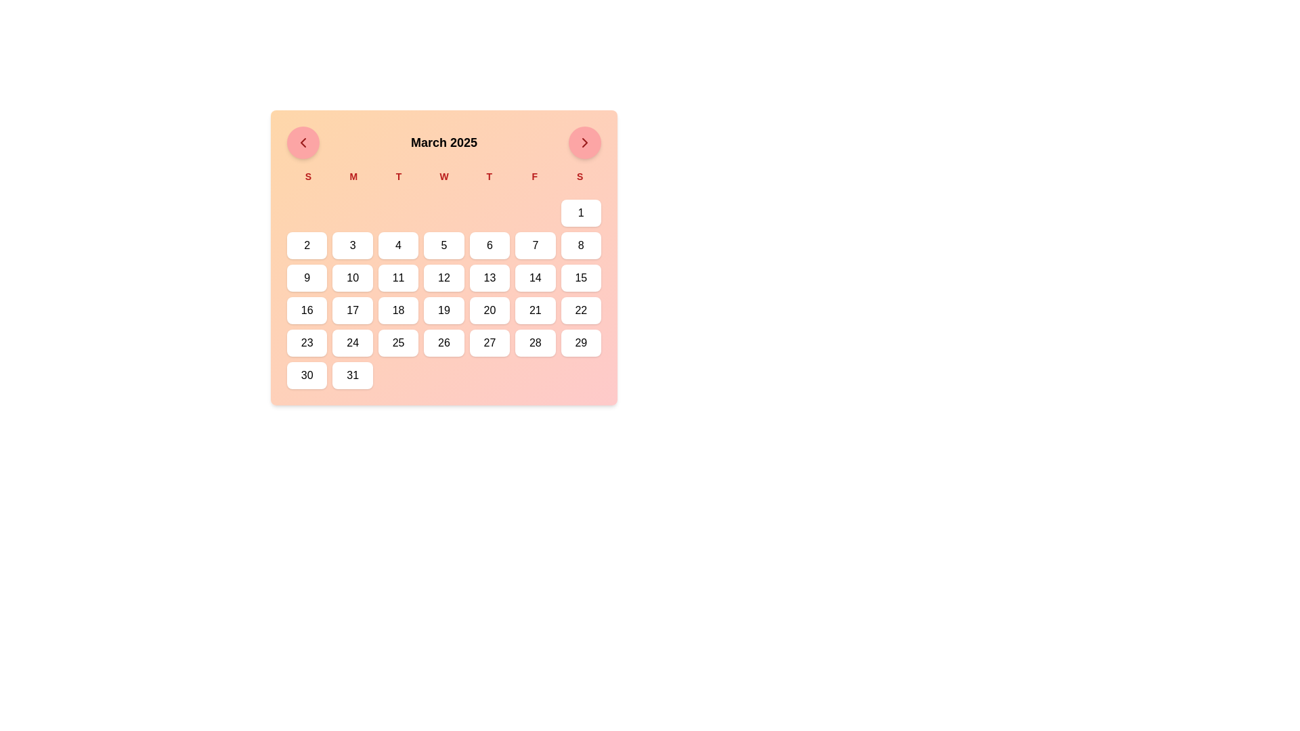 This screenshot has height=731, width=1300. What do you see at coordinates (353, 278) in the screenshot?
I see `the white rounded rectangular button displaying the number '10' in bold black font, located in the fourth row of a calendar grid layout under 'March 2025'` at bounding box center [353, 278].